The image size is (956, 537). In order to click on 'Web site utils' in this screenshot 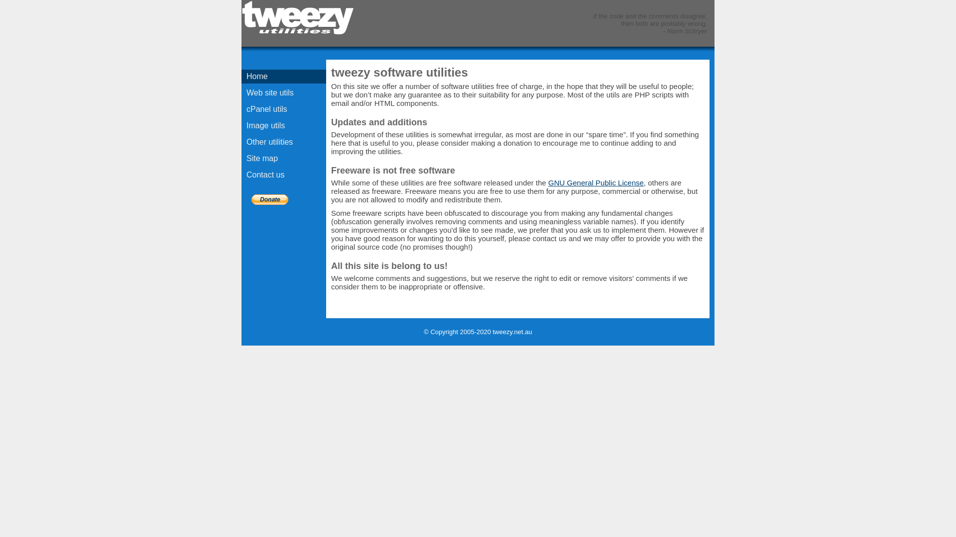, I will do `click(283, 92)`.